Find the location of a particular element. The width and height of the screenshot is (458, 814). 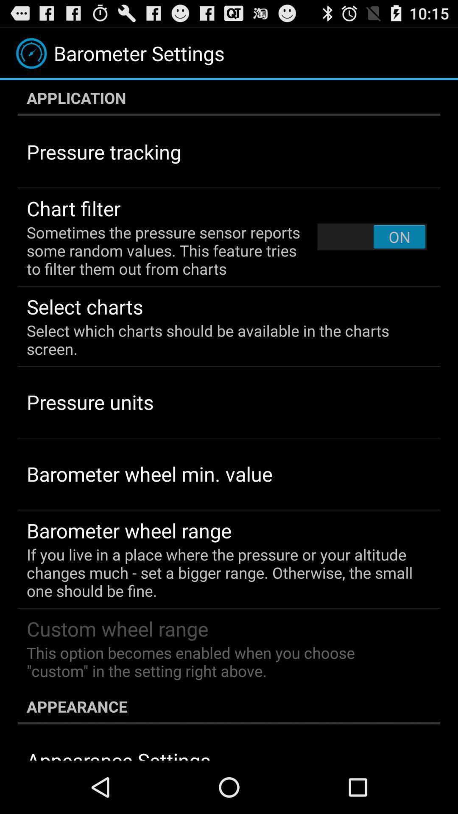

icon below the barometer wheel range is located at coordinates (223, 572).